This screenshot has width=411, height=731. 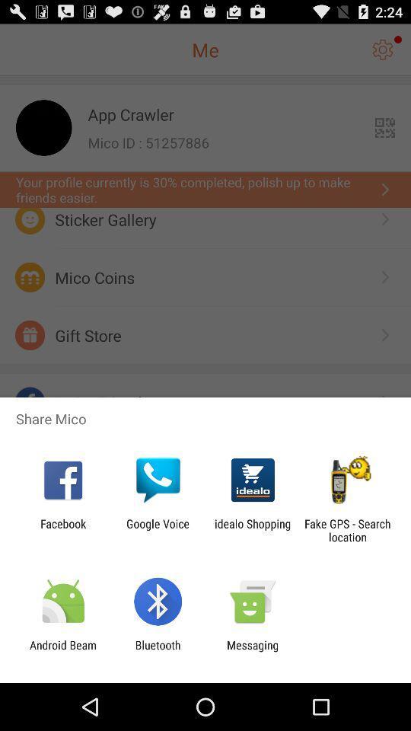 I want to click on the messaging item, so click(x=253, y=651).